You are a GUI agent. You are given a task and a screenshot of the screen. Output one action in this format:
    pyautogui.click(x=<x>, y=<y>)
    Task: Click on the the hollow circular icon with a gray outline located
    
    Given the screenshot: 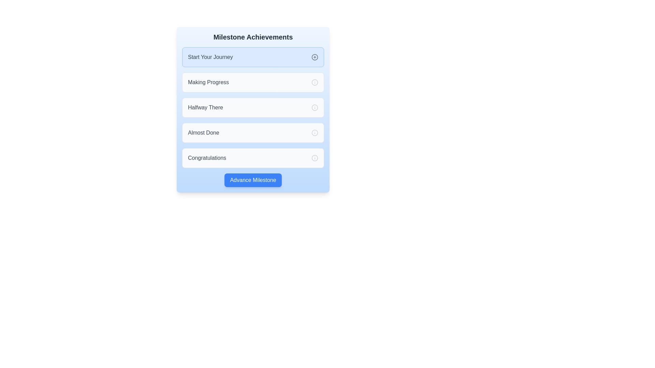 What is the action you would take?
    pyautogui.click(x=314, y=107)
    